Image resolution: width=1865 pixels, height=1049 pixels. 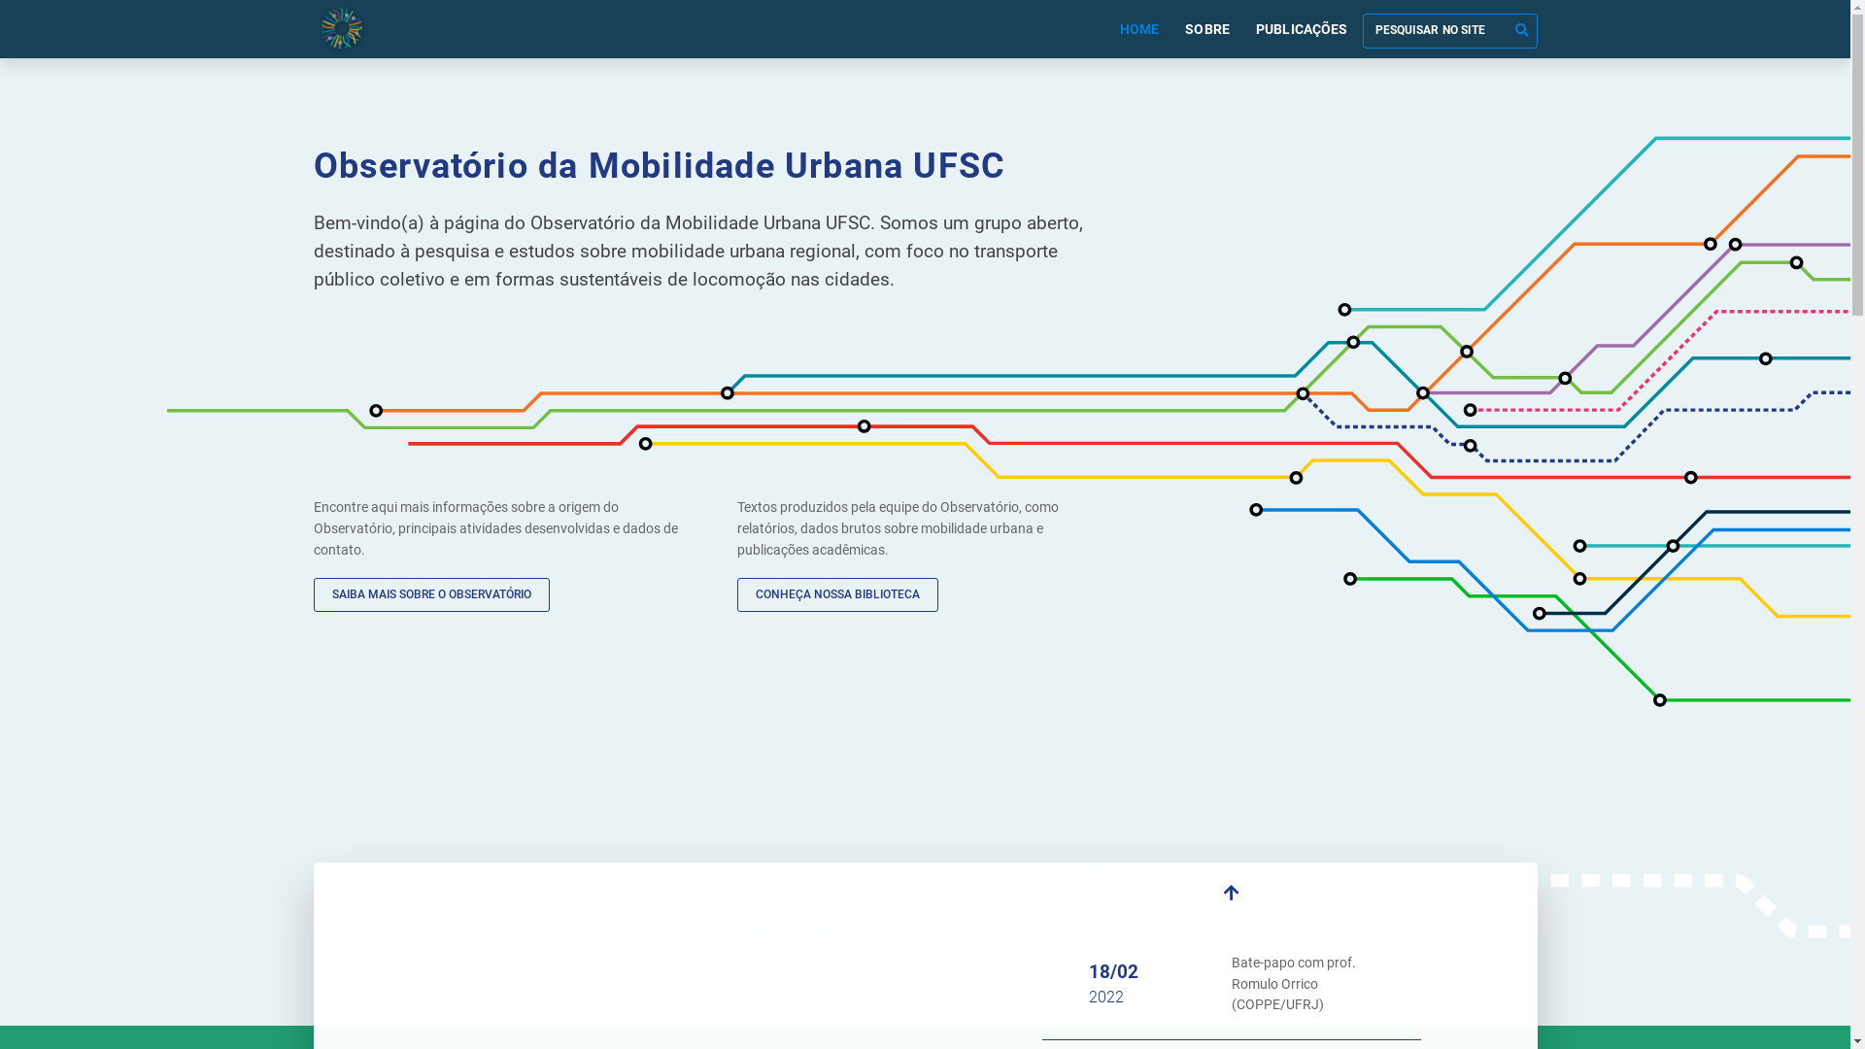 I want to click on 'HOME', so click(x=1138, y=29).